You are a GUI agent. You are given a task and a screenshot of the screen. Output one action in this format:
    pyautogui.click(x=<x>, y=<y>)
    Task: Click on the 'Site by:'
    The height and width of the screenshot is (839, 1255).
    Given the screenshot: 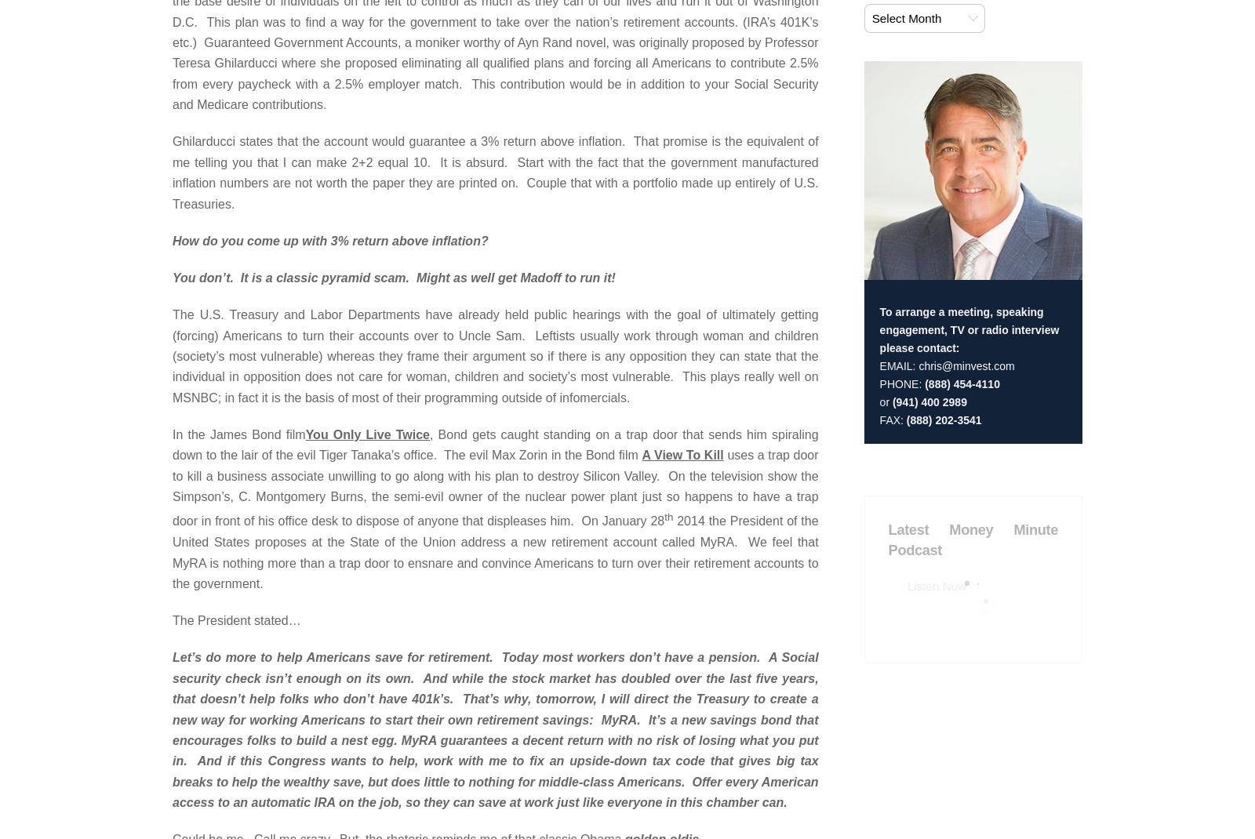 What is the action you would take?
    pyautogui.click(x=173, y=555)
    